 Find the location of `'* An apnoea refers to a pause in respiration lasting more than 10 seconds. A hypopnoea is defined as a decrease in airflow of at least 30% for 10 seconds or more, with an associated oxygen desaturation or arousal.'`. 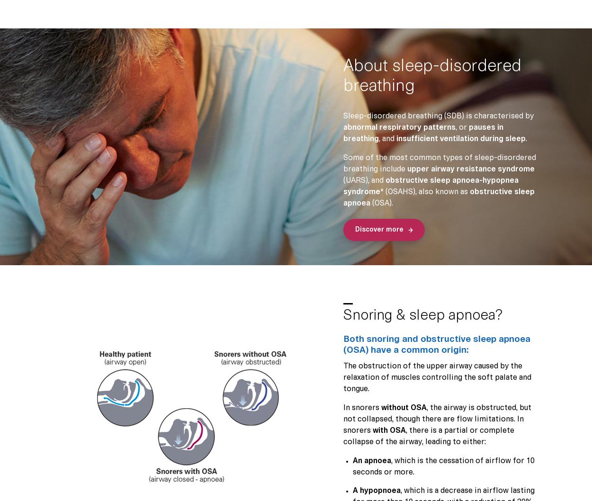

'* An apnoea refers to a pause in respiration lasting more than 10 seconds. A hypopnoea is defined as a decrease in airflow of at least 30% for 10 seconds or more, with an associated oxygen desaturation or arousal.' is located at coordinates (51, 420).